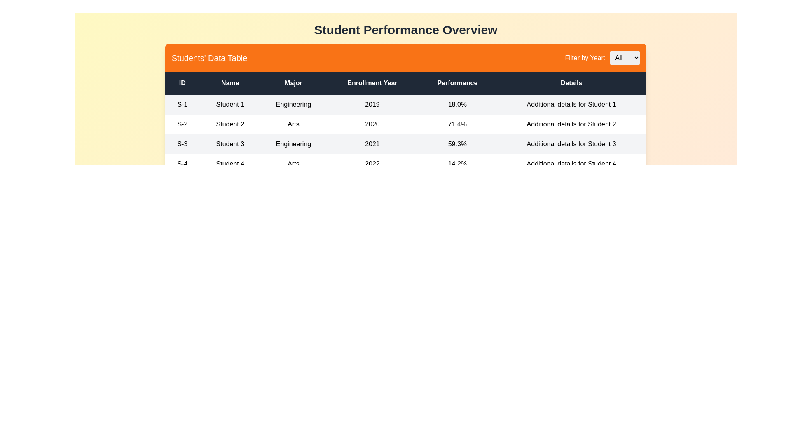 This screenshot has width=791, height=445. What do you see at coordinates (293, 83) in the screenshot?
I see `the column header Major to sort the table by that column` at bounding box center [293, 83].